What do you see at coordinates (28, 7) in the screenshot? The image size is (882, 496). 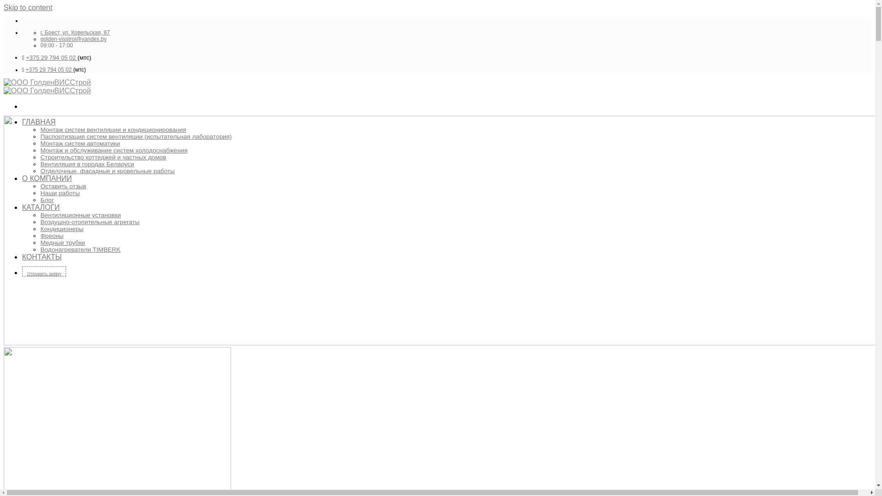 I see `'Skip to content'` at bounding box center [28, 7].